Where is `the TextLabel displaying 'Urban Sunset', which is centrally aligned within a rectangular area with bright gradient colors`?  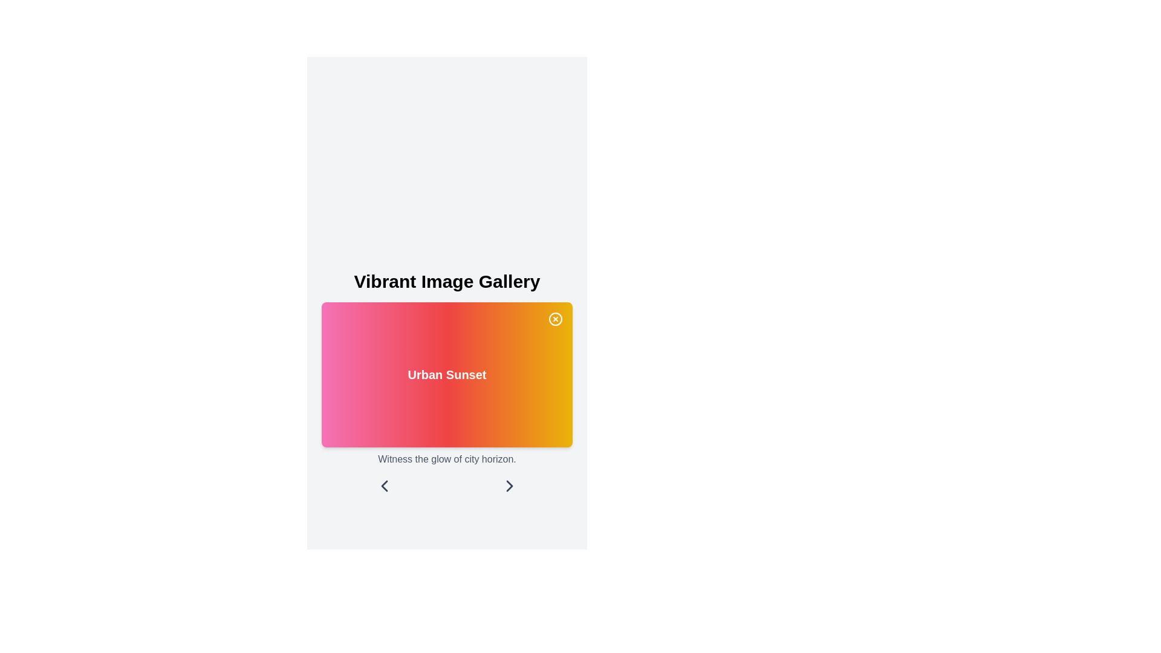
the TextLabel displaying 'Urban Sunset', which is centrally aligned within a rectangular area with bright gradient colors is located at coordinates (446, 374).